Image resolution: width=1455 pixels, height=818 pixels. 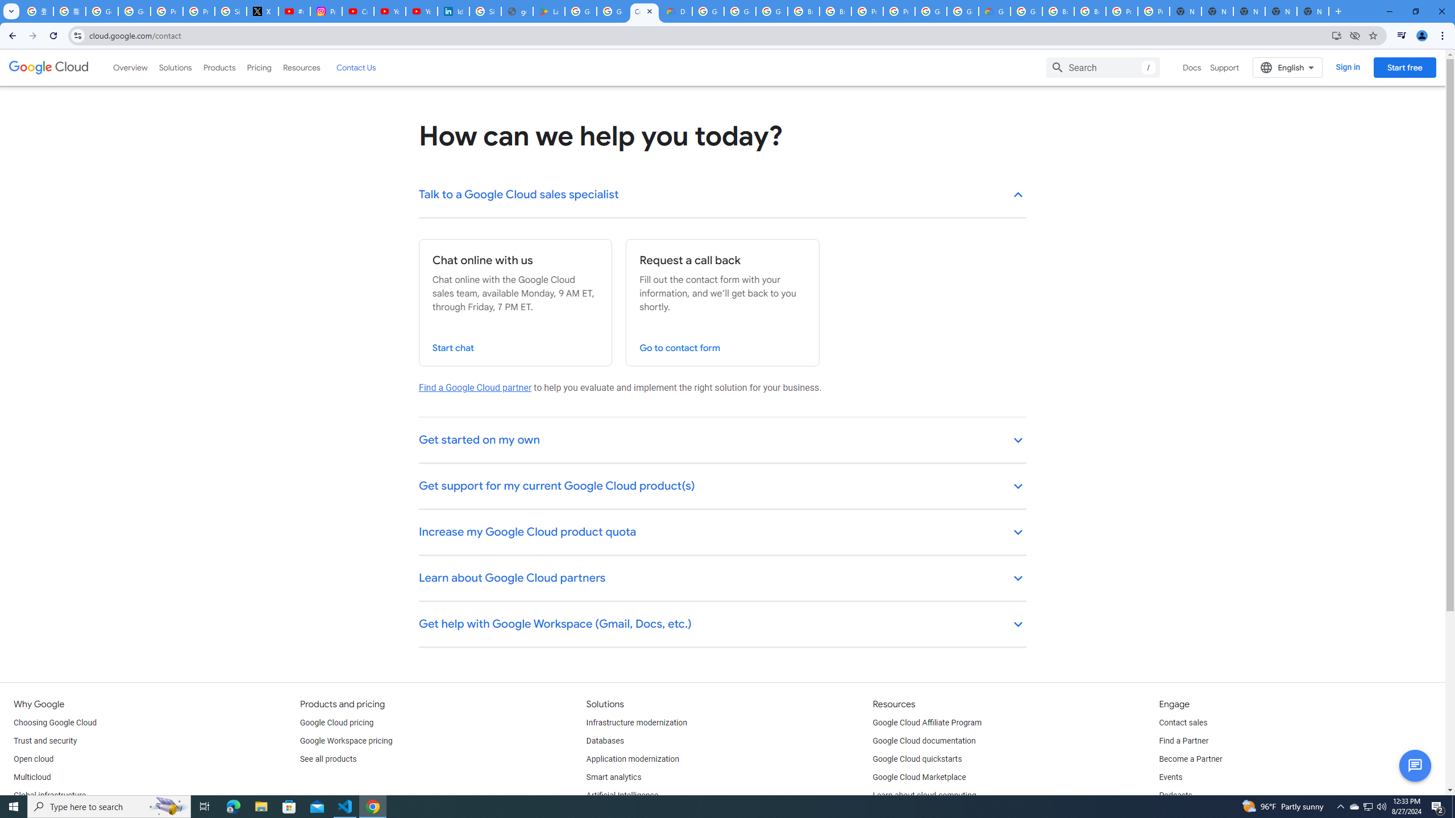 I want to click on 'See all products', so click(x=327, y=759).